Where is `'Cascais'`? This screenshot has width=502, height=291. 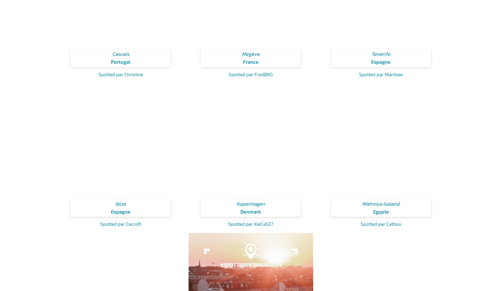 'Cascais' is located at coordinates (120, 54).